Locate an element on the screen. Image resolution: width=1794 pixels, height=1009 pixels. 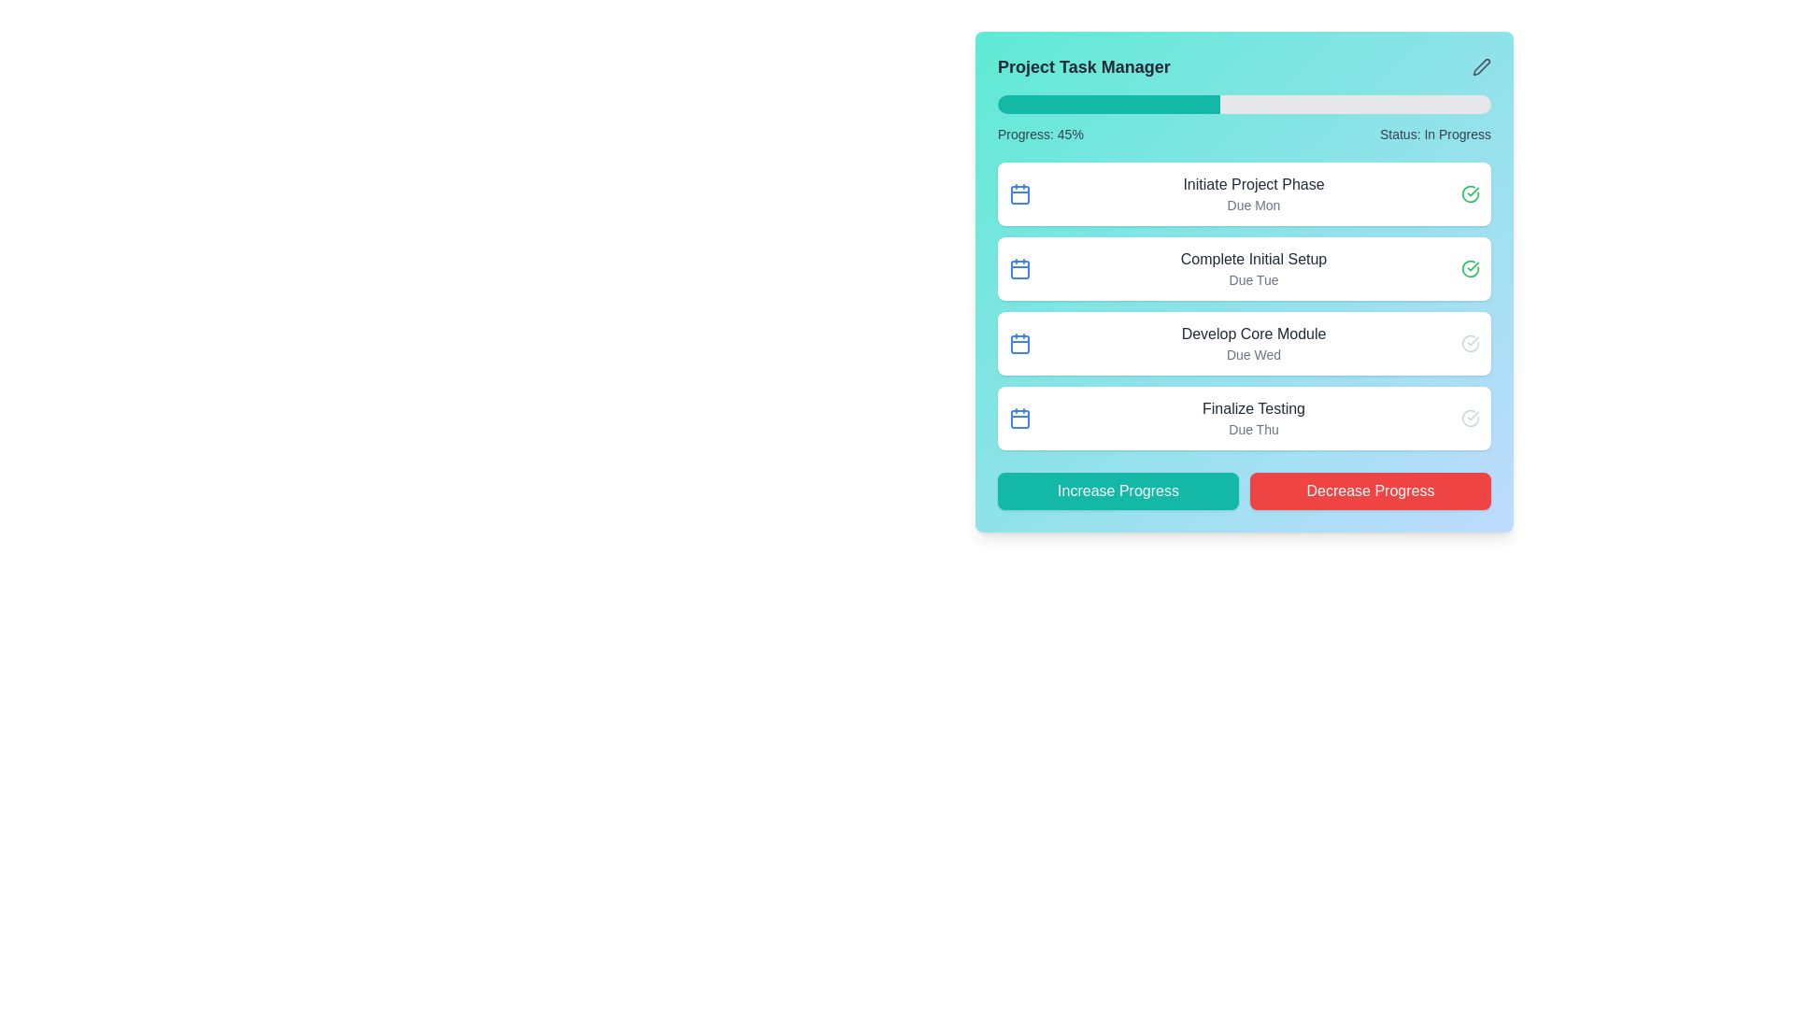
the text label that displays 'Due Wed', which is styled in a smaller gray font and positioned below 'Develop Core Module' is located at coordinates (1254, 355).